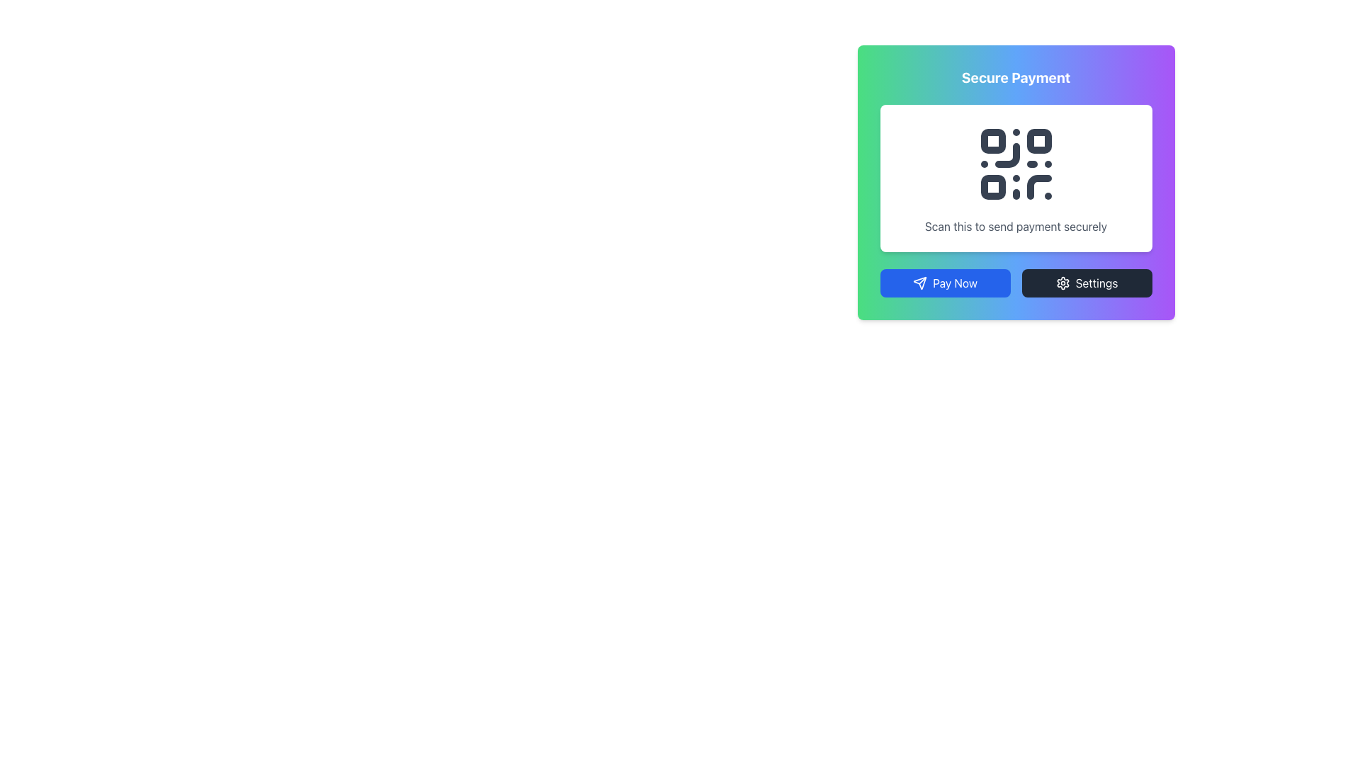 This screenshot has height=765, width=1360. What do you see at coordinates (1039, 141) in the screenshot?
I see `the QR code square located in the top-right section of the QR code graphic, which is part of the secure payment interface` at bounding box center [1039, 141].